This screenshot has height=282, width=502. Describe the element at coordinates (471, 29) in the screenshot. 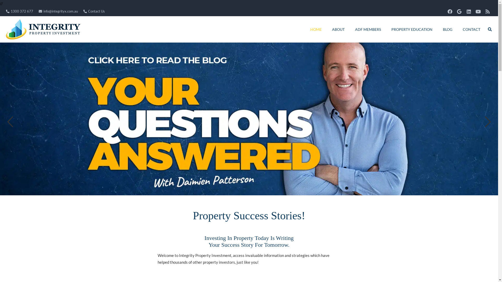

I see `'CONTACT'` at that location.